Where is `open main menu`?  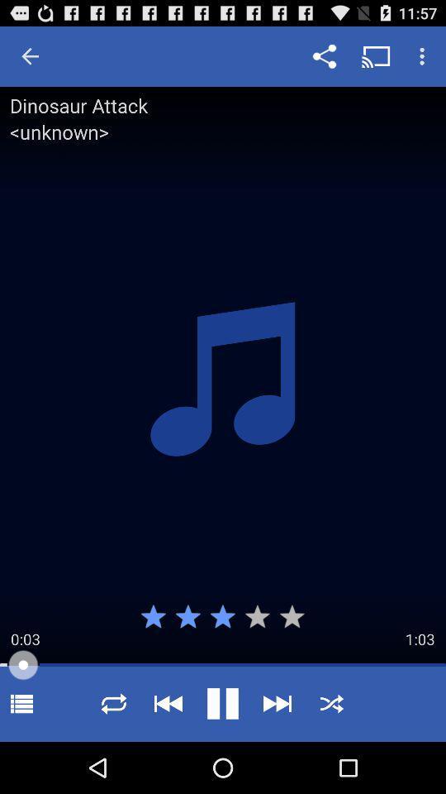
open main menu is located at coordinates (21, 703).